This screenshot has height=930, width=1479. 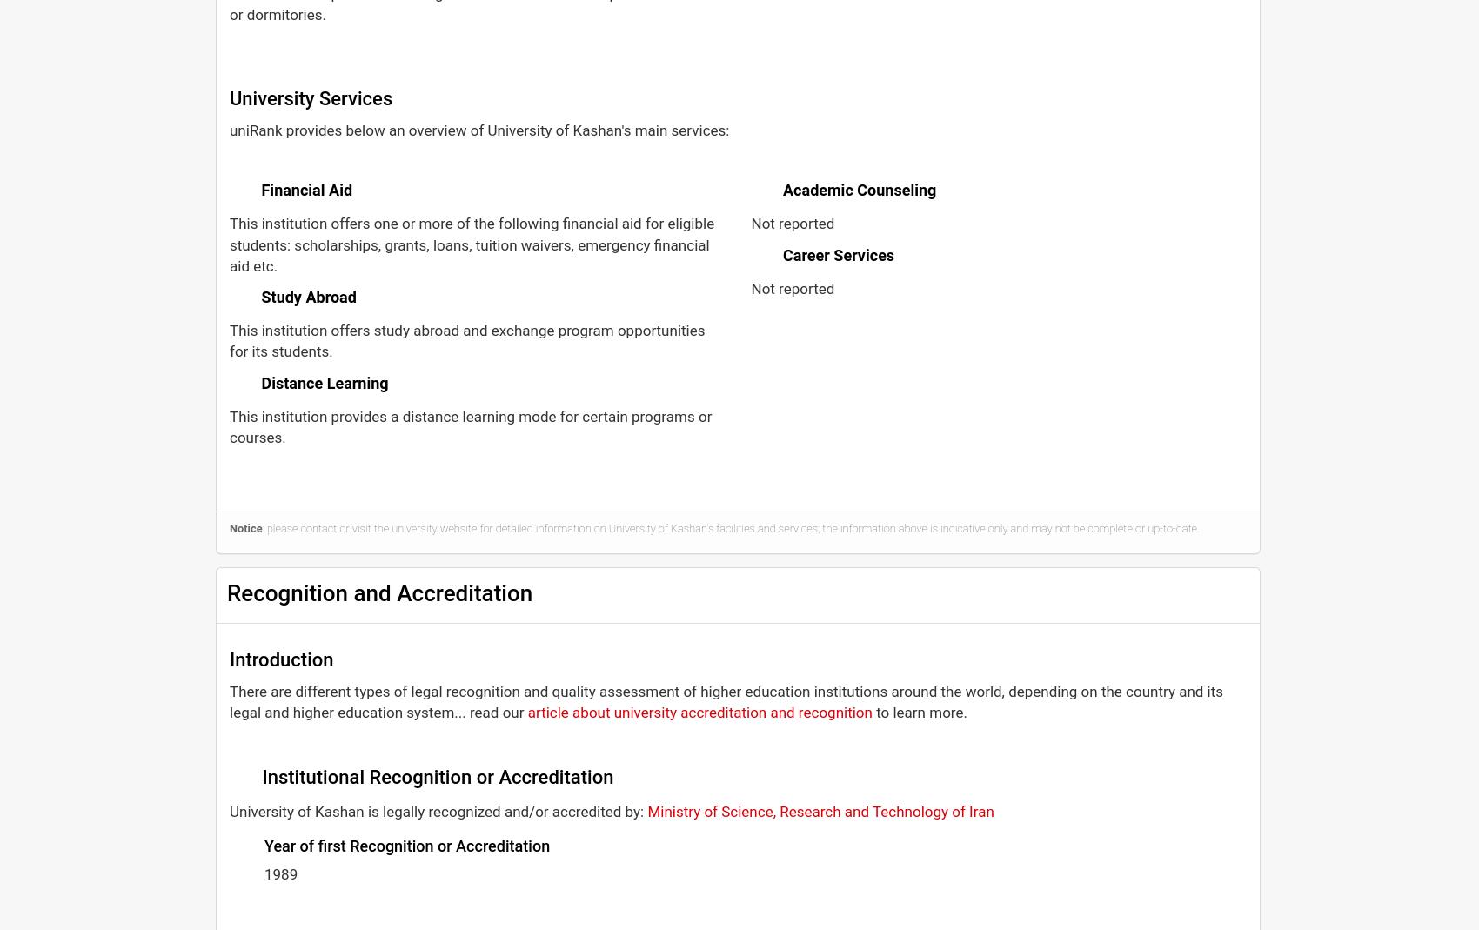 I want to click on 'Study Abroad', so click(x=307, y=296).